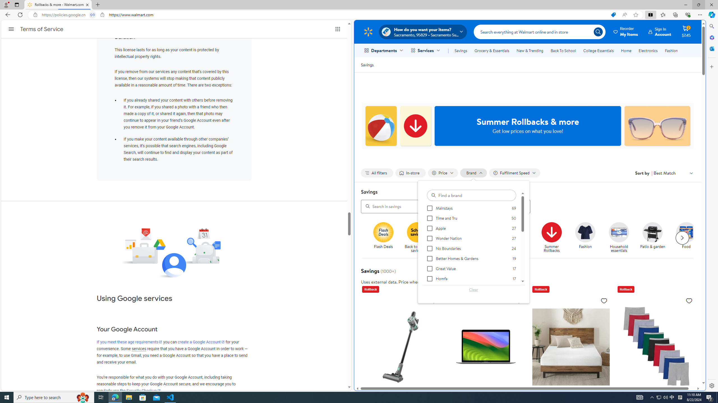 The width and height of the screenshot is (718, 403). What do you see at coordinates (626, 31) in the screenshot?
I see `'Reorder My Items'` at bounding box center [626, 31].